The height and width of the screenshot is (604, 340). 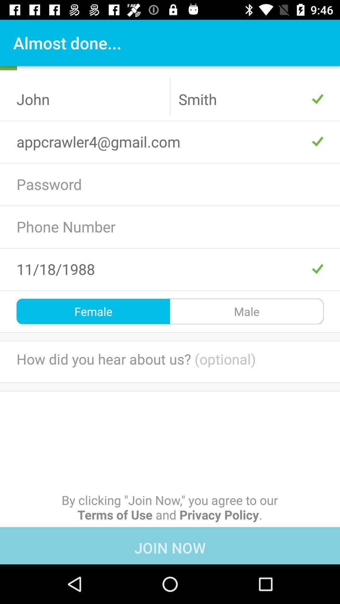 What do you see at coordinates (93, 311) in the screenshot?
I see `item next to the male icon` at bounding box center [93, 311].